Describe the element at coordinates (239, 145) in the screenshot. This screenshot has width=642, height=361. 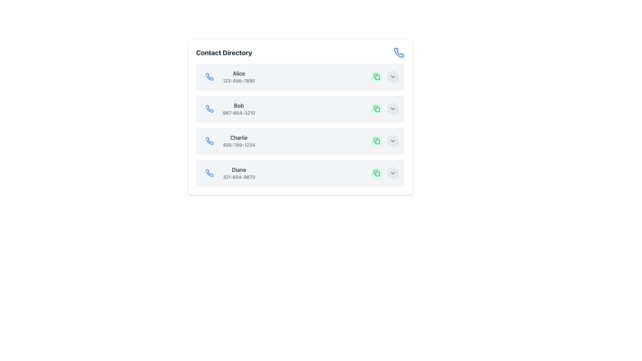
I see `the static text element displaying Charlie's phone number, which is styled in light gray and located directly below the name 'Charlie' in the contact directory interface` at that location.